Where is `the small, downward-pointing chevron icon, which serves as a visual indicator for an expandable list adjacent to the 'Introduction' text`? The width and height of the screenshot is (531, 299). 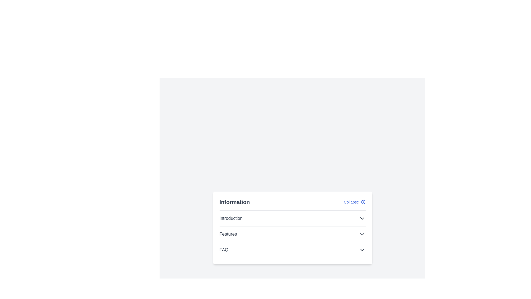
the small, downward-pointing chevron icon, which serves as a visual indicator for an expandable list adjacent to the 'Introduction' text is located at coordinates (362, 218).